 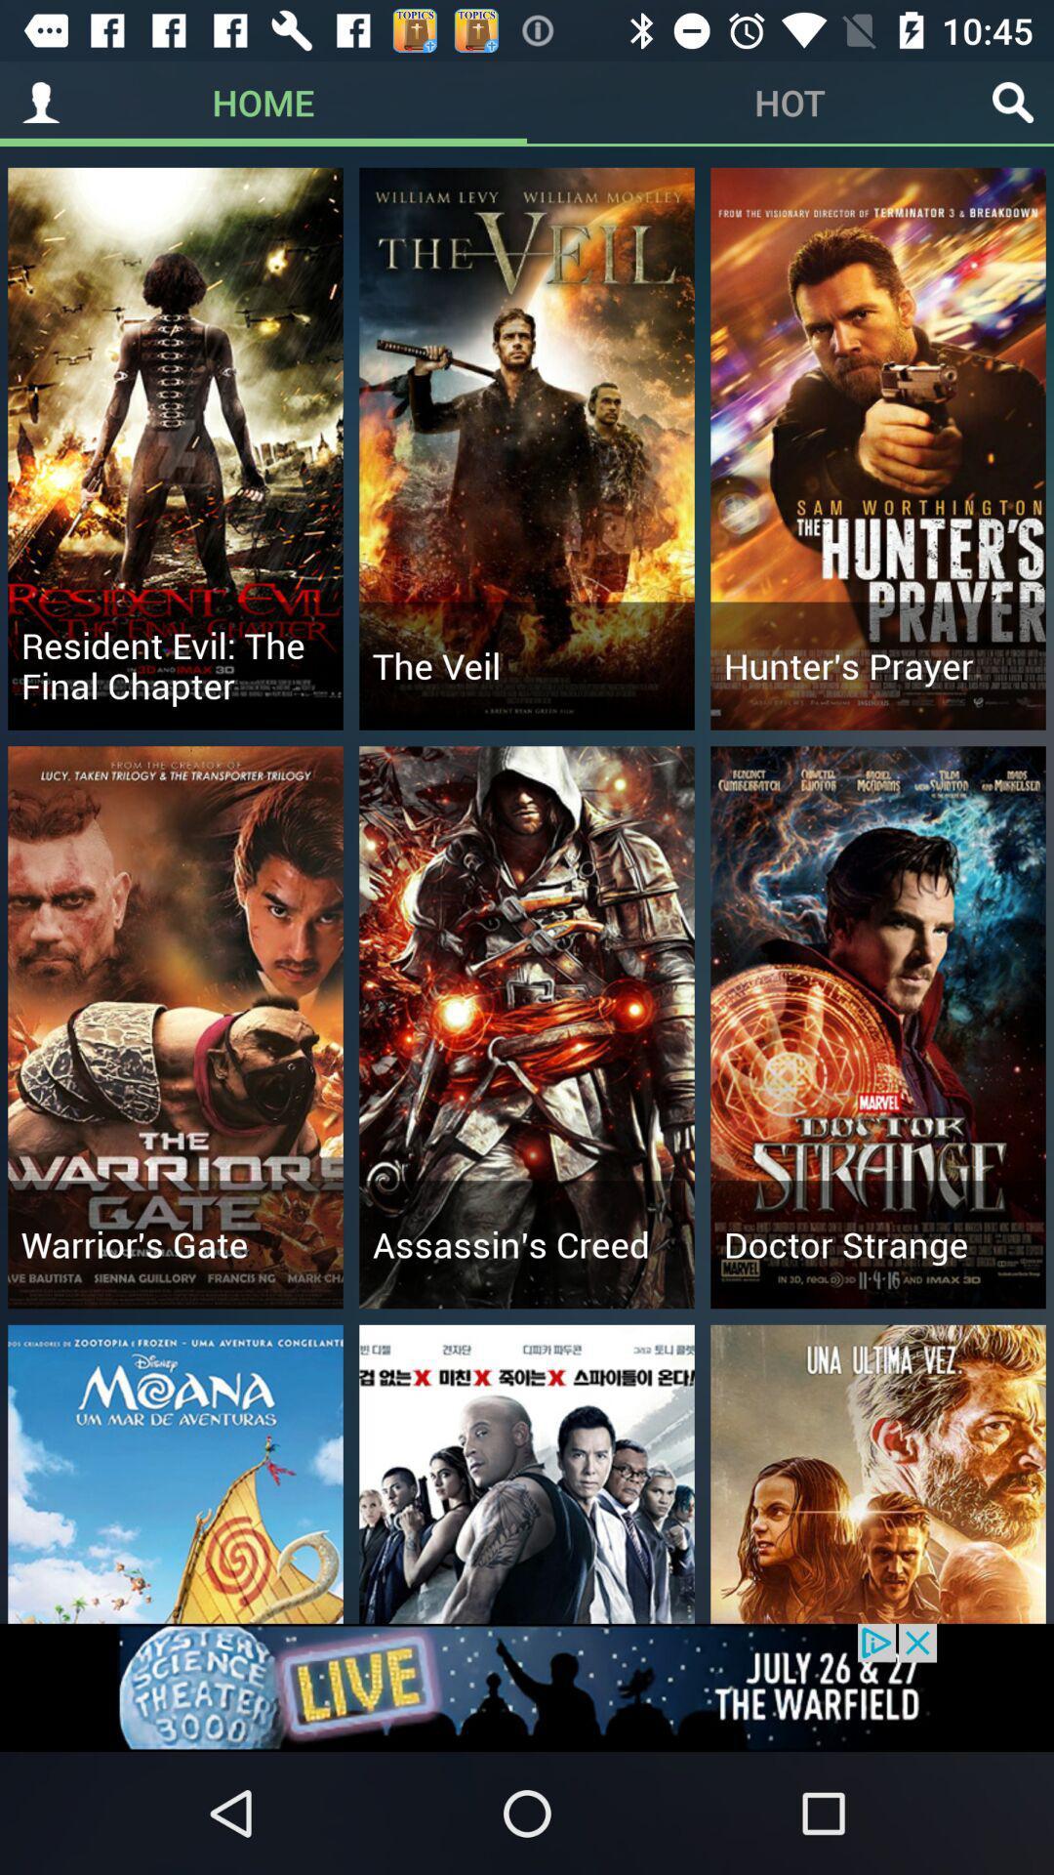 I want to click on homepage, so click(x=41, y=102).